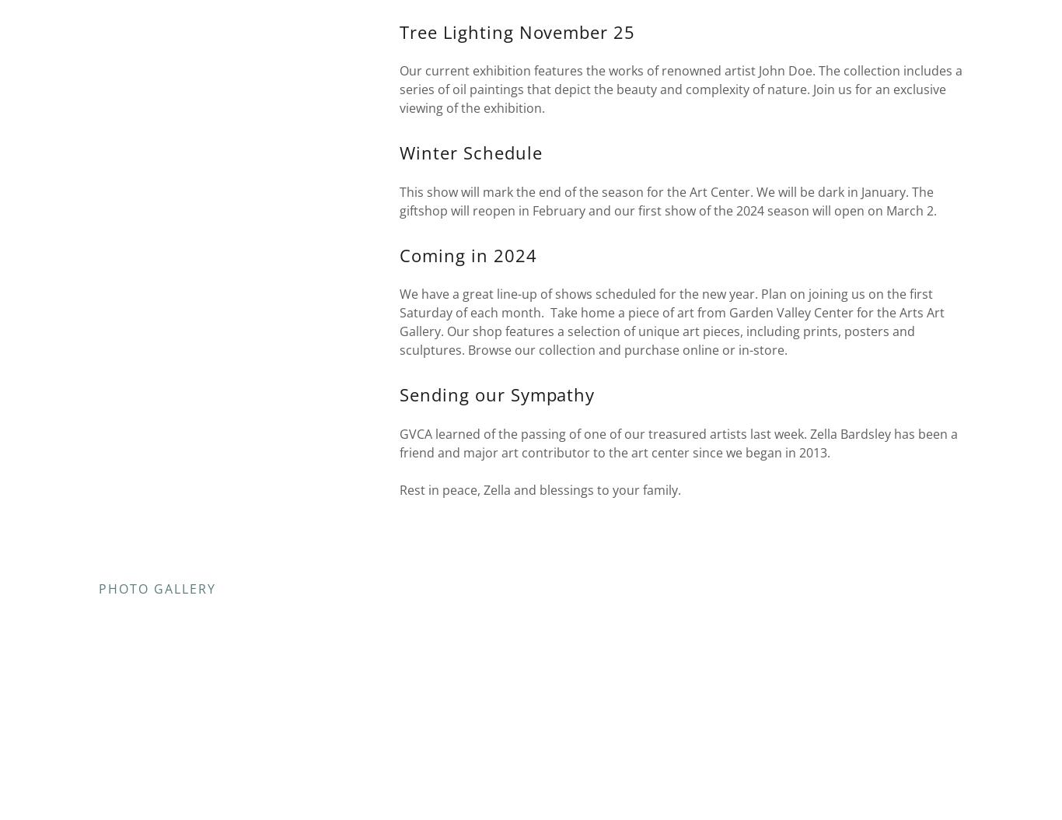  Describe the element at coordinates (470, 152) in the screenshot. I see `'Winter Schedule'` at that location.